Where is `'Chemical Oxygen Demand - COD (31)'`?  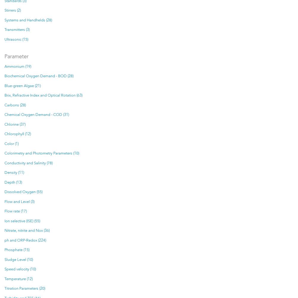
'Chemical Oxygen Demand - COD (31)' is located at coordinates (36, 114).